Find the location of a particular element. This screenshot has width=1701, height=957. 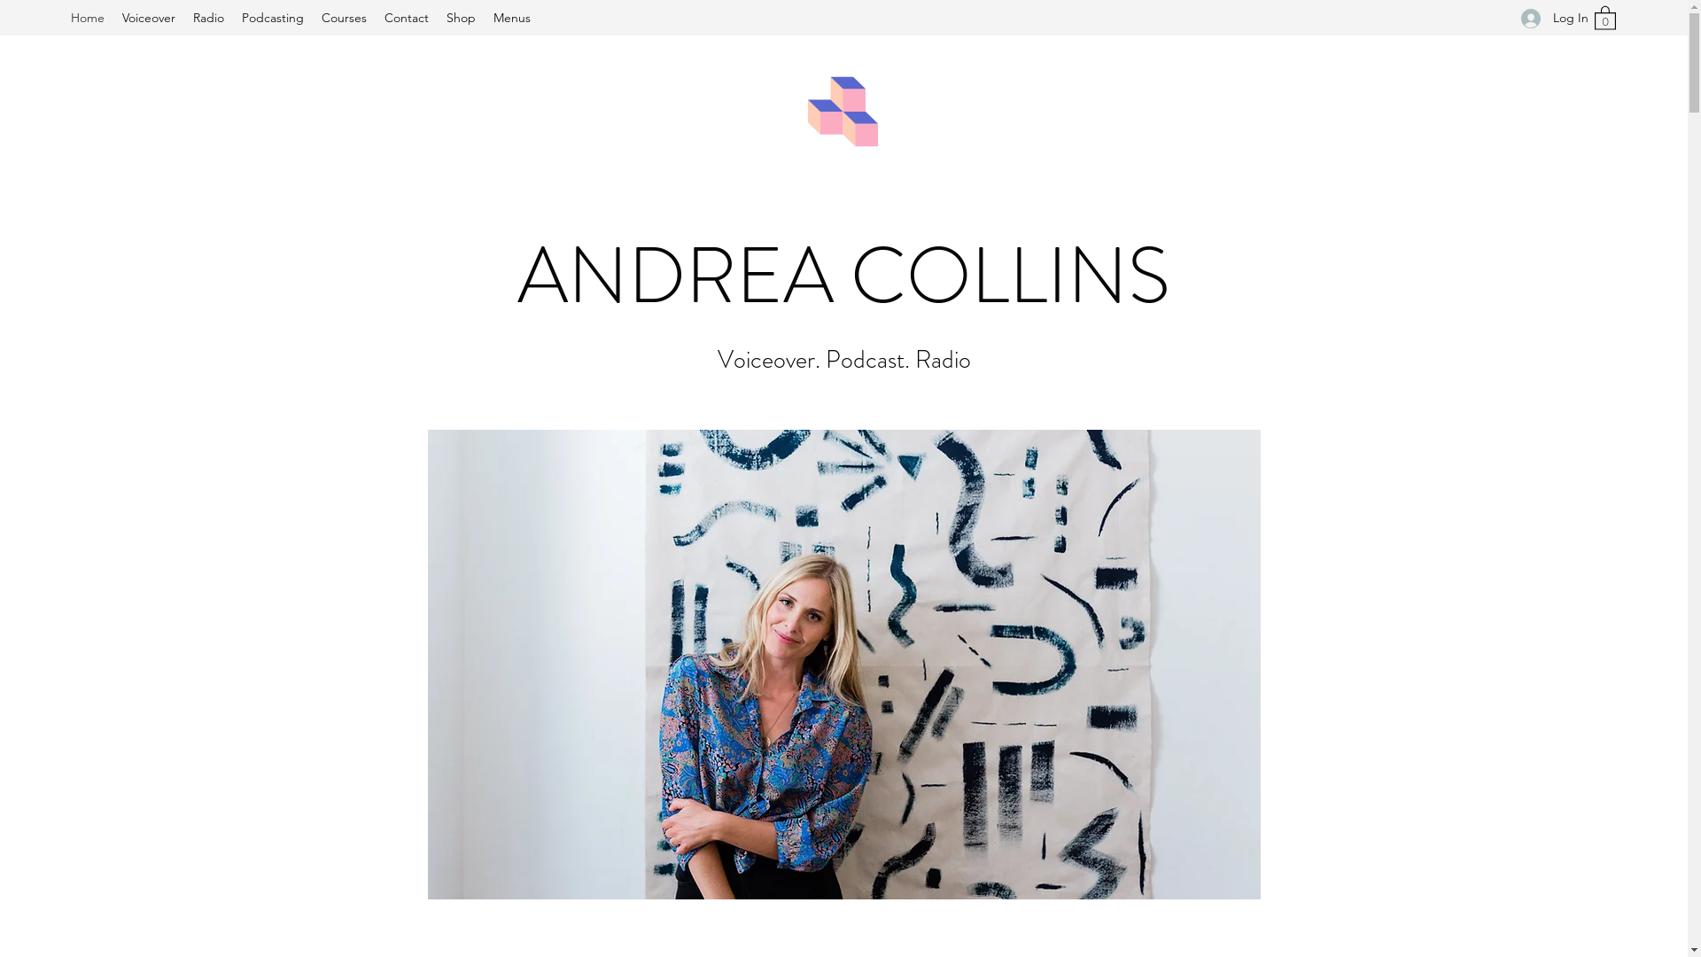

'Podcasting' is located at coordinates (271, 17).